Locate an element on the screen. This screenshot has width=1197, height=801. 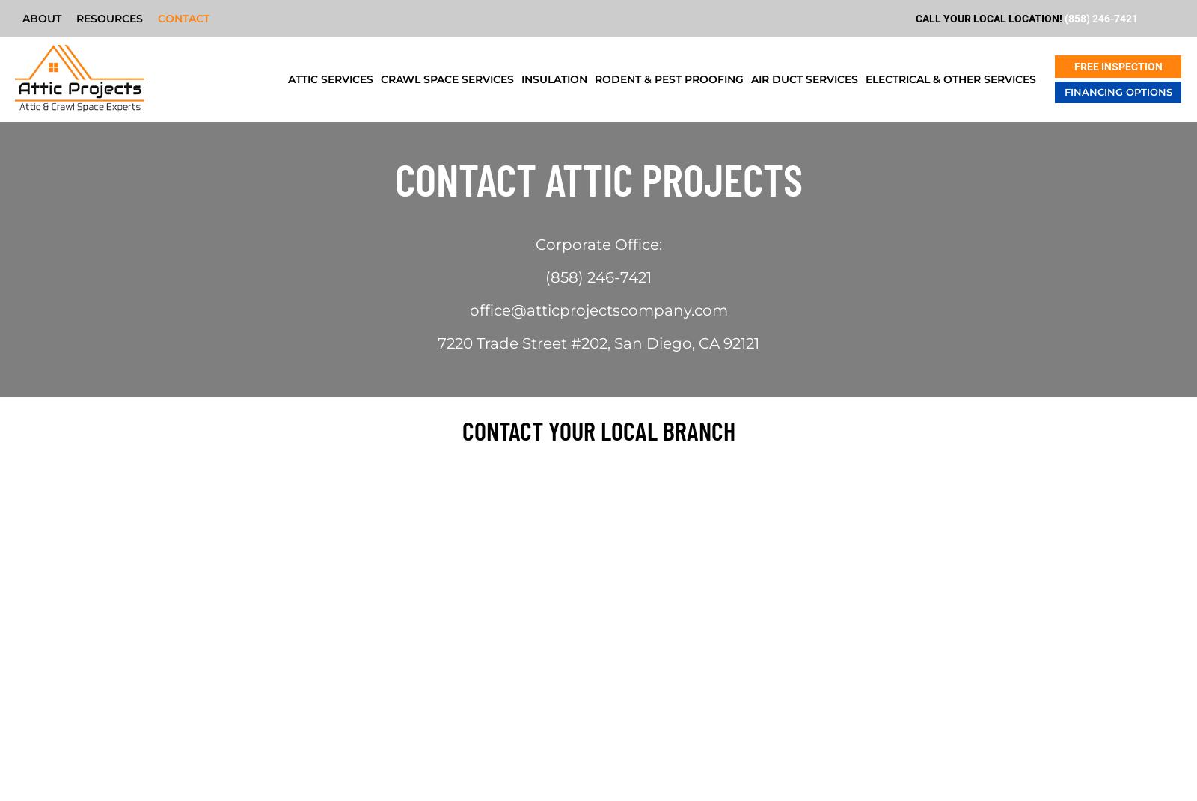
'Contact' is located at coordinates (183, 17).